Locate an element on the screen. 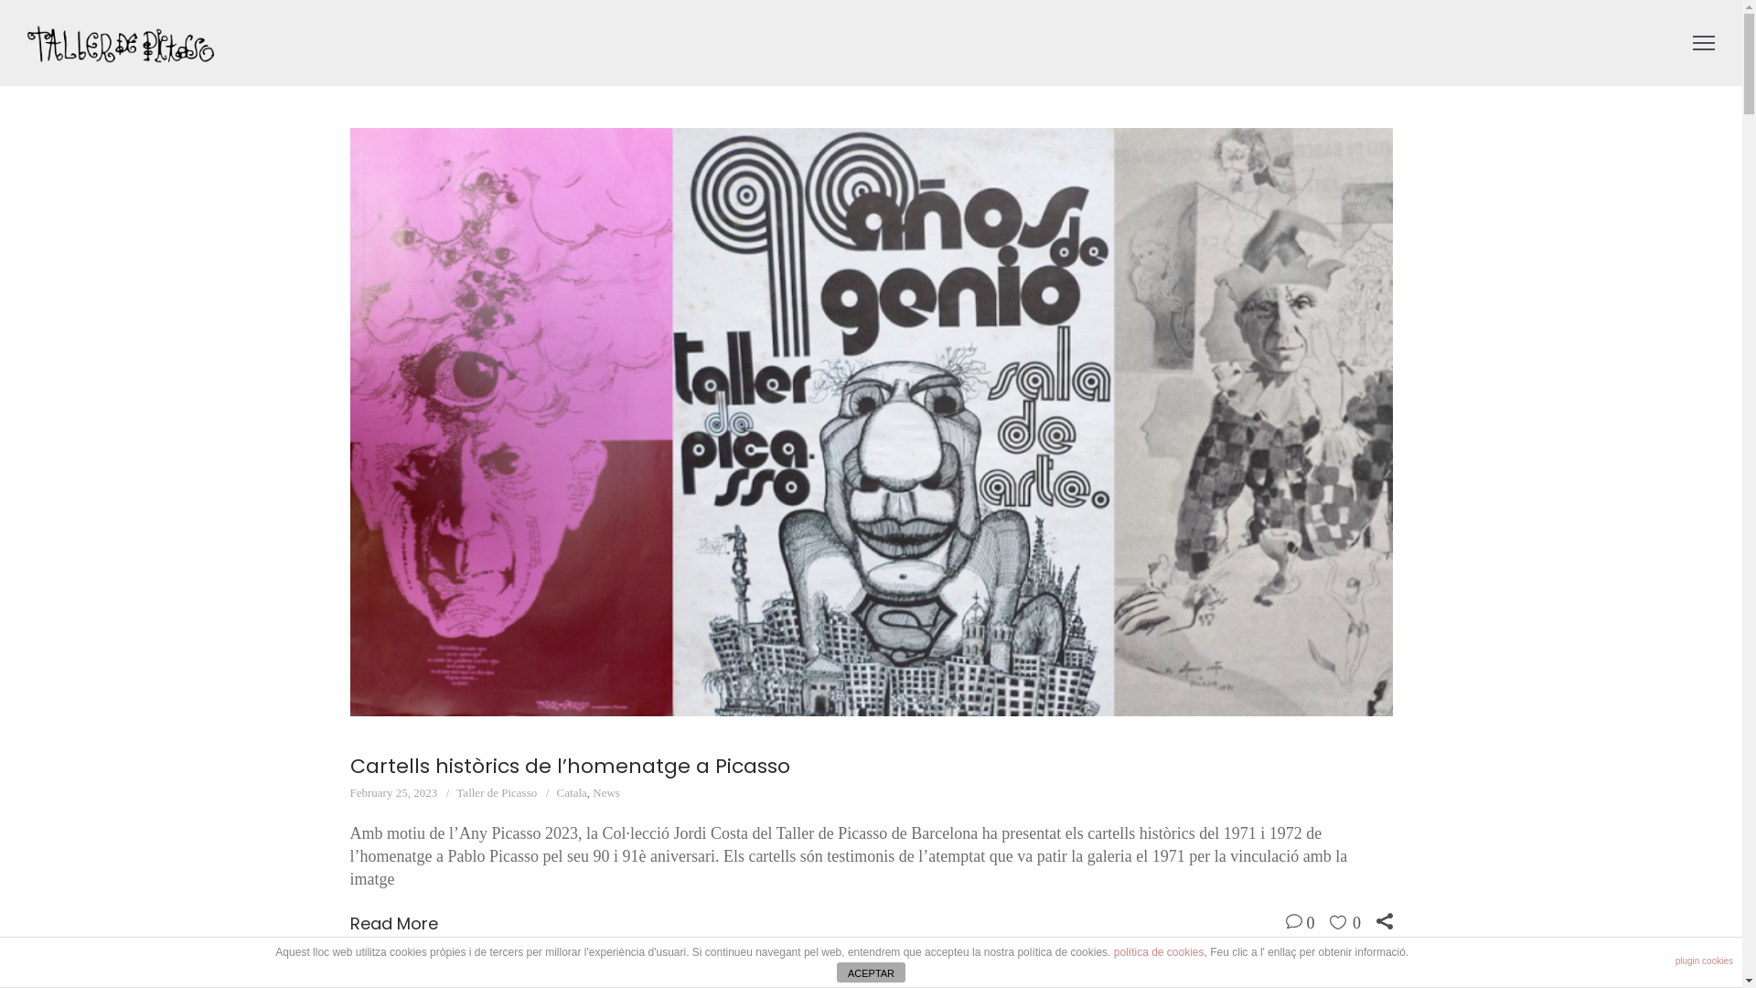  'Catala' is located at coordinates (571, 791).